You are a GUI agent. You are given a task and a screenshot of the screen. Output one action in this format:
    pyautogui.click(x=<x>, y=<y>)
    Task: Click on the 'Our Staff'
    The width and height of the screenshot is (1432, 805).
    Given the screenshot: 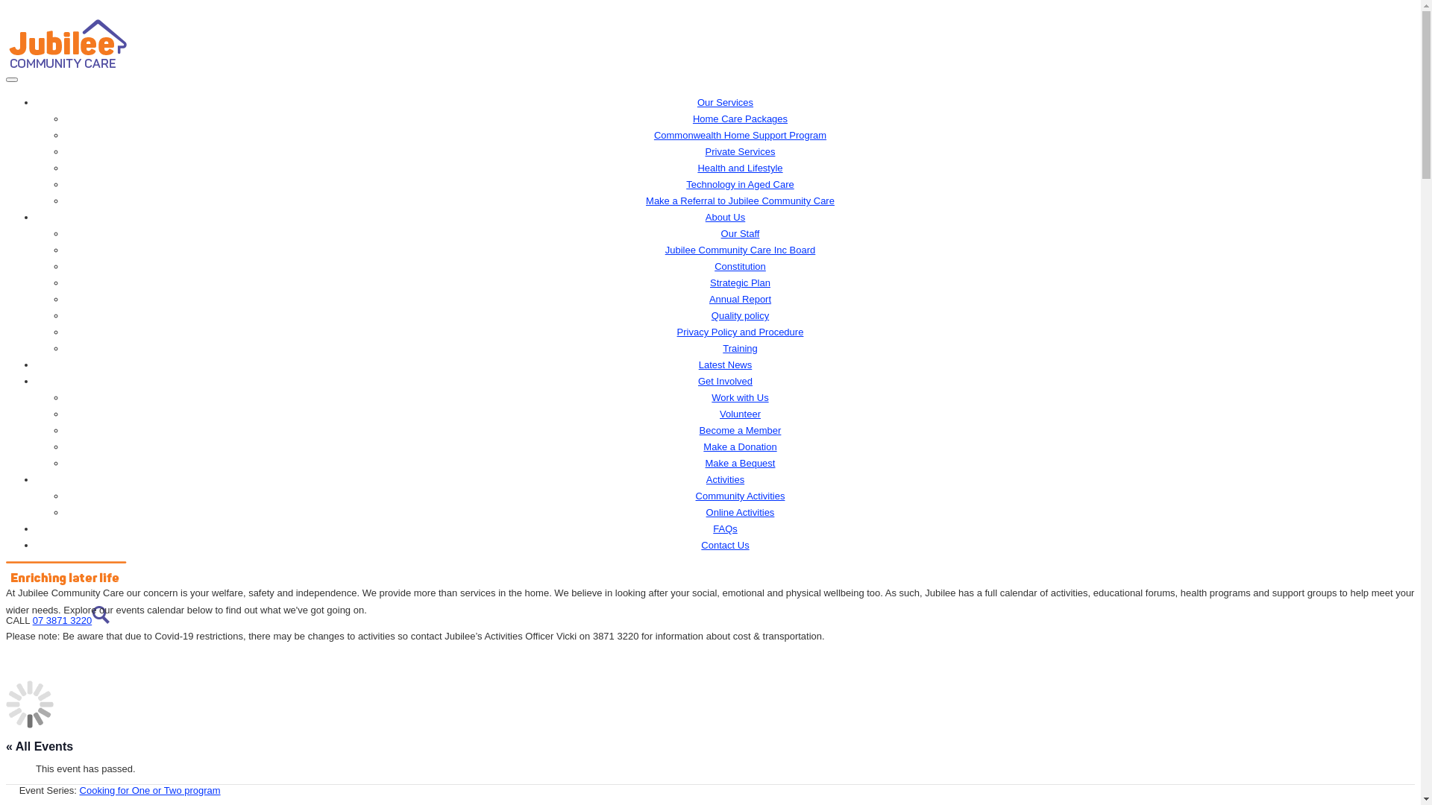 What is the action you would take?
    pyautogui.click(x=741, y=233)
    